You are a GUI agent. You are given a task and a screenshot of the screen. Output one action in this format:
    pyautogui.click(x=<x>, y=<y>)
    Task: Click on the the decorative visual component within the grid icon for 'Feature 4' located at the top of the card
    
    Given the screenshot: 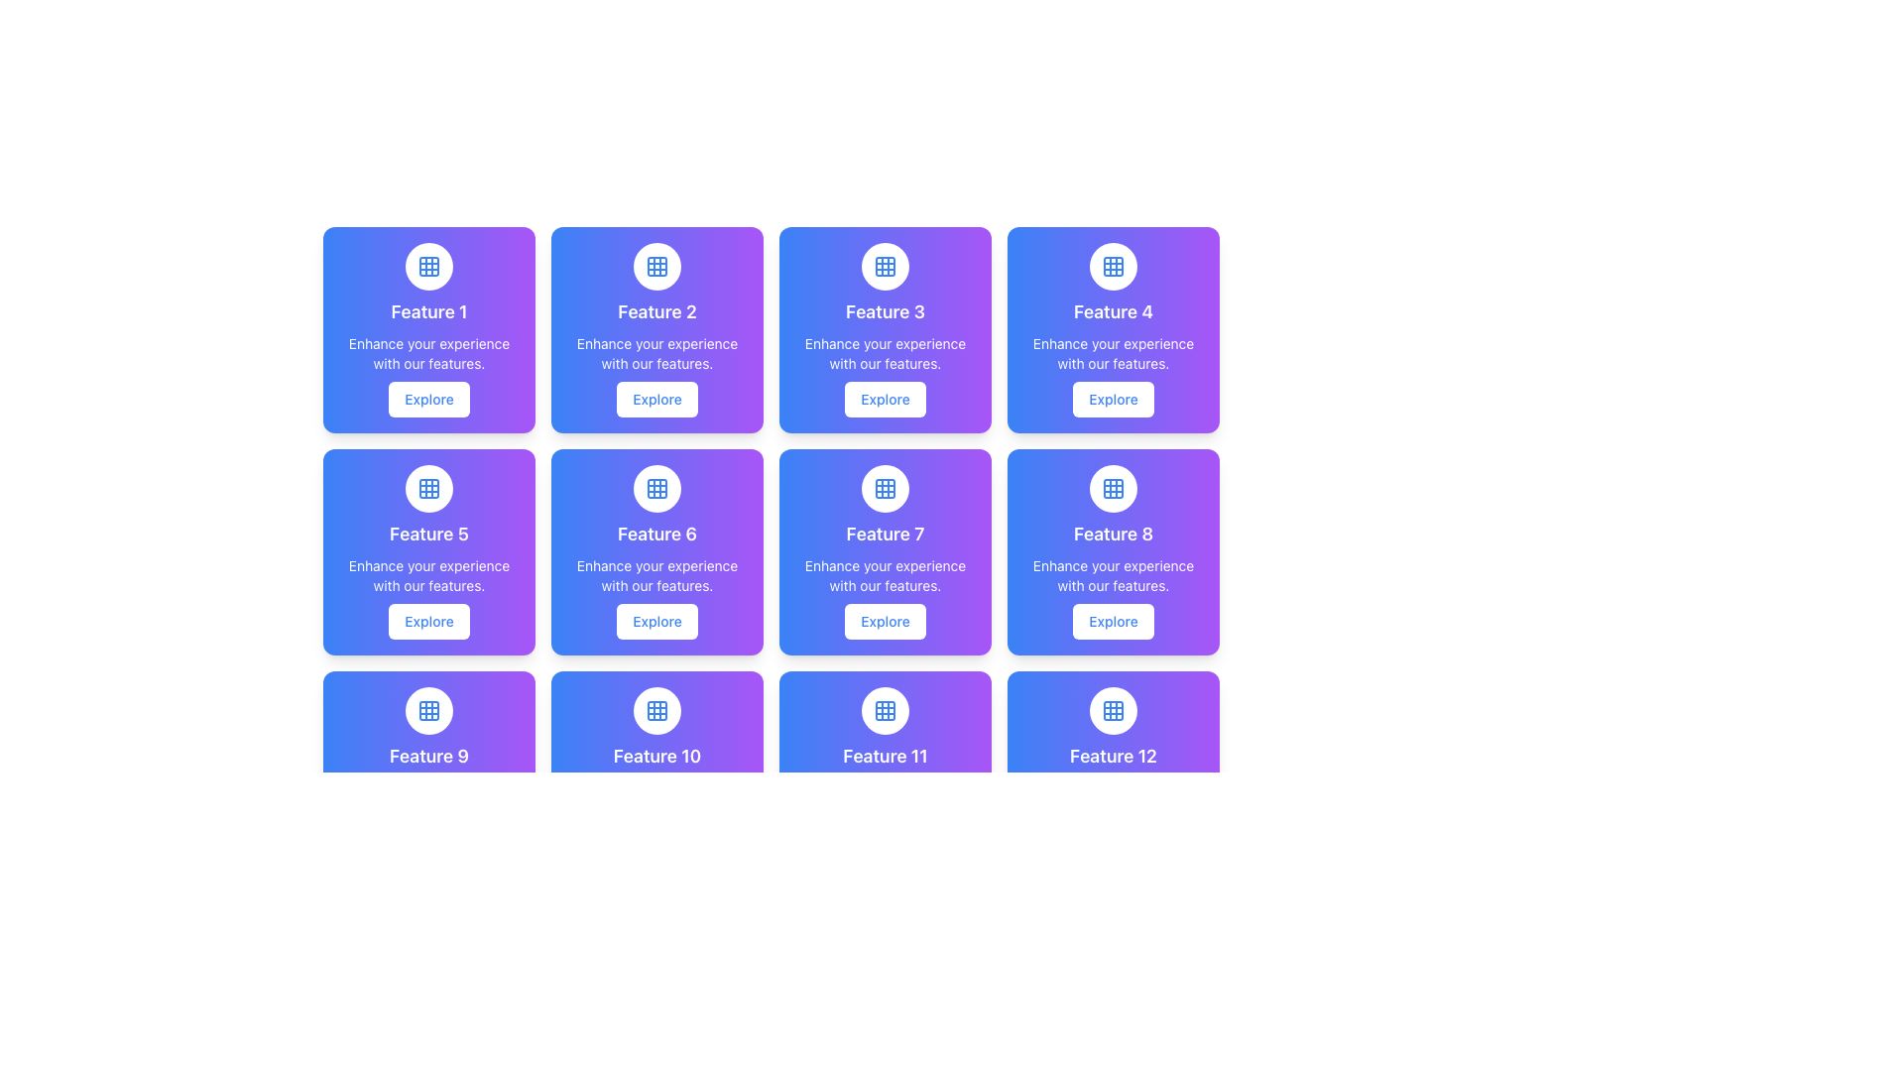 What is the action you would take?
    pyautogui.click(x=1114, y=266)
    